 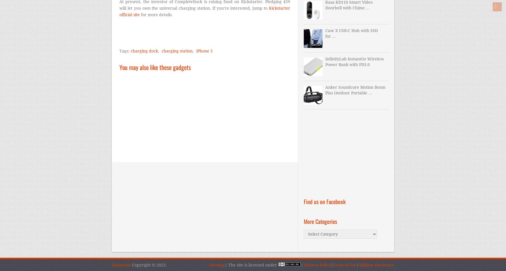 I want to click on 'Sitemap', so click(x=217, y=265).